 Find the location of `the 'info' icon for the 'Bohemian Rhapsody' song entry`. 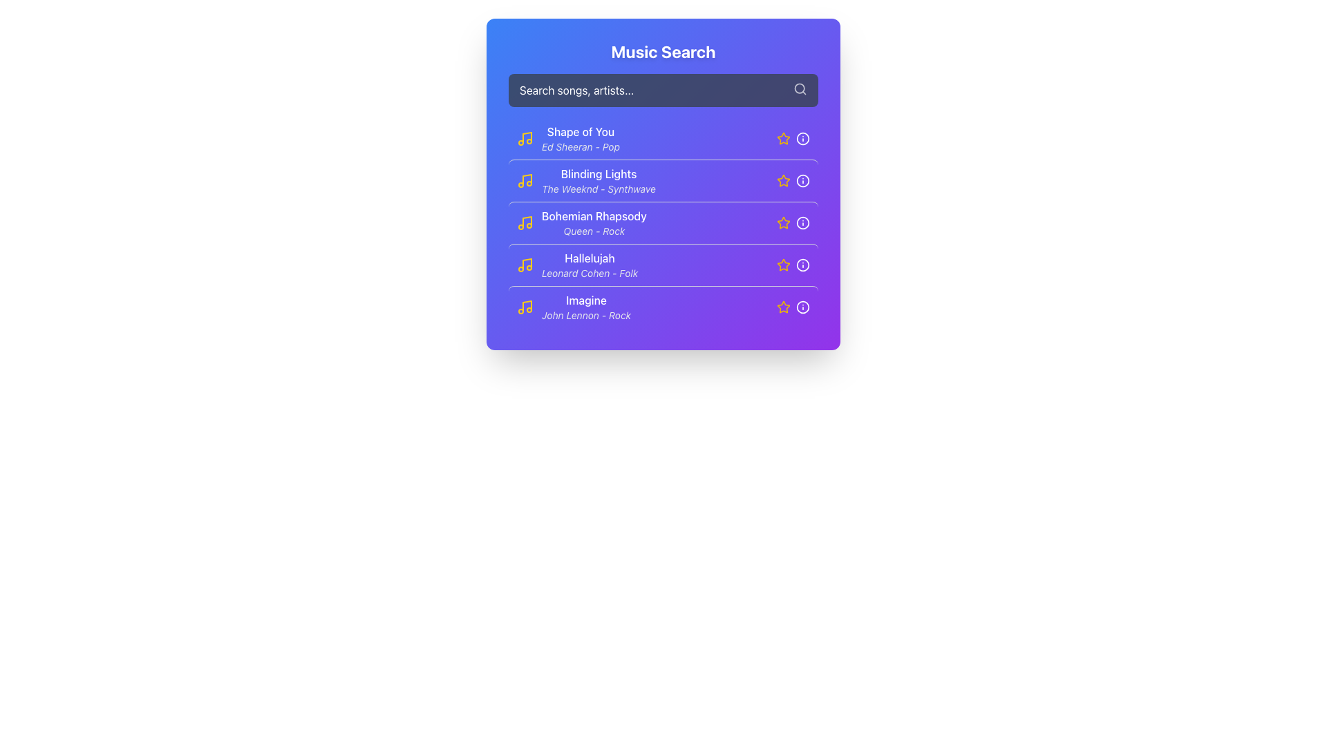

the 'info' icon for the 'Bohemian Rhapsody' song entry is located at coordinates (802, 222).